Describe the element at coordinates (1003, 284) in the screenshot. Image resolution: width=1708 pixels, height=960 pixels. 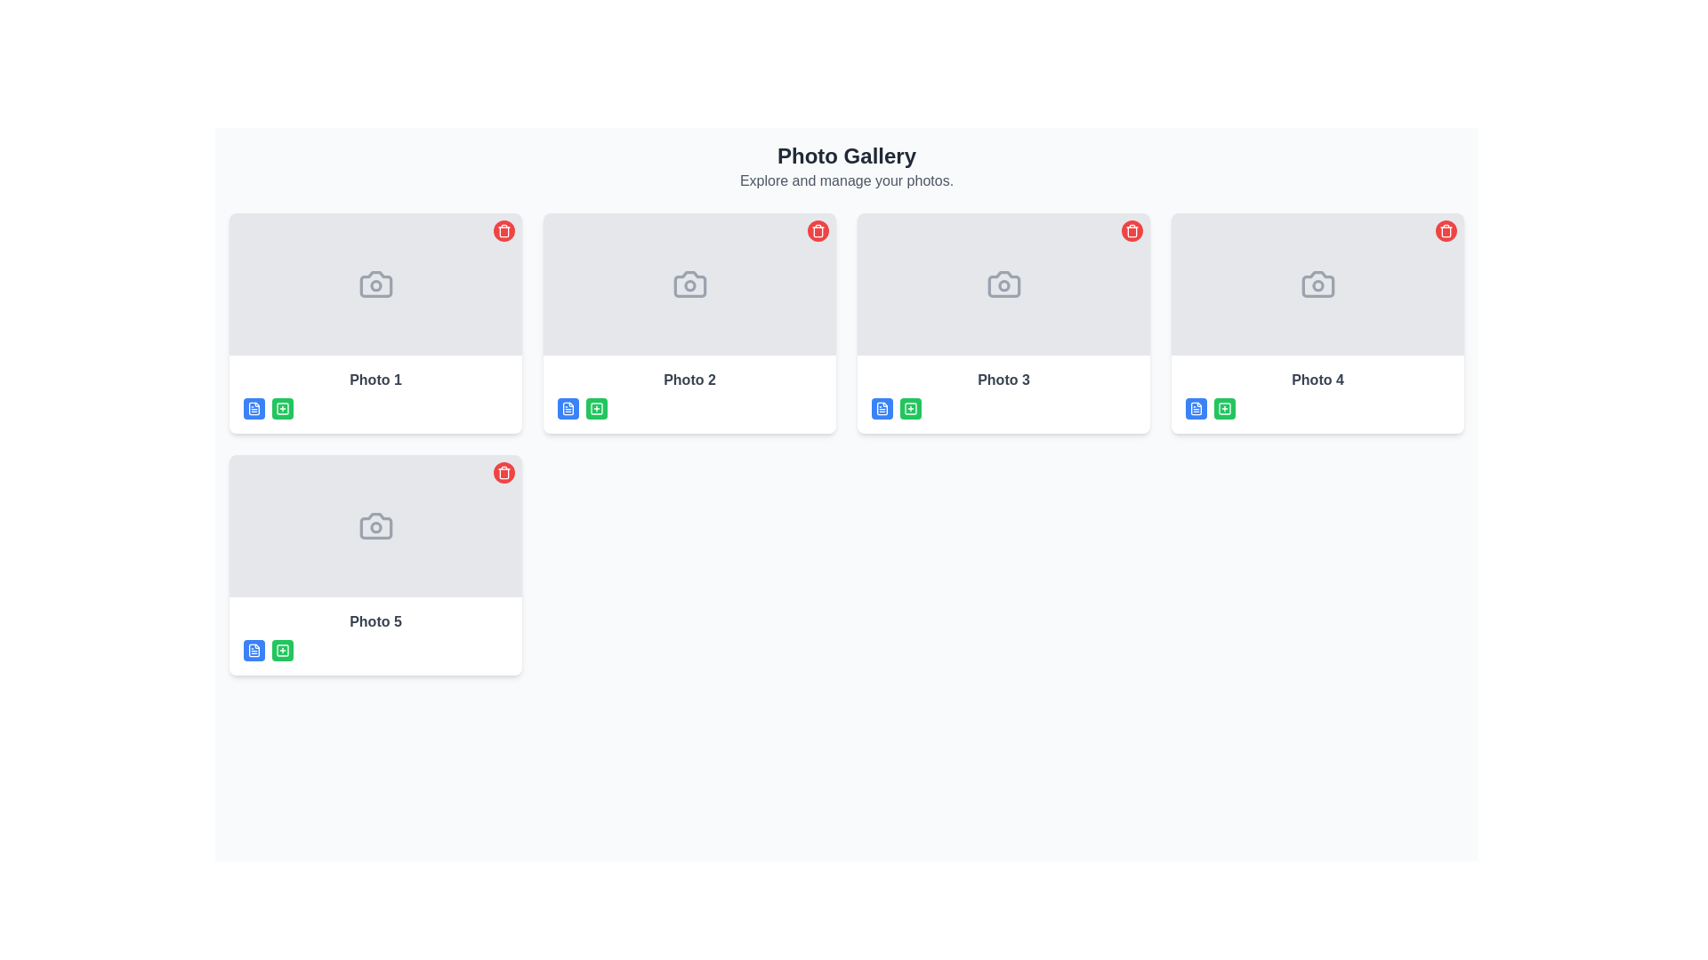
I see `the photo icon associated with the 'Photo 3' card, which is centrally located within the top section of the card among a grid of similar photo cards` at that location.